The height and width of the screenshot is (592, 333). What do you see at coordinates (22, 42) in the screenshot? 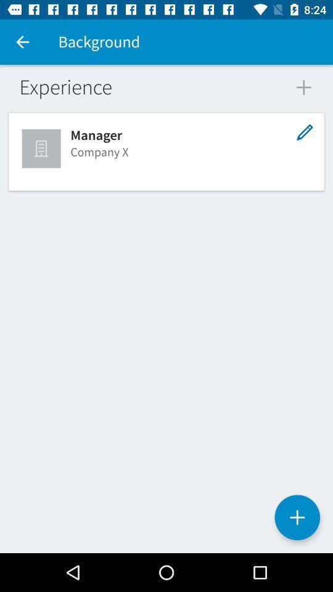
I see `the item to the left of the background icon` at bounding box center [22, 42].